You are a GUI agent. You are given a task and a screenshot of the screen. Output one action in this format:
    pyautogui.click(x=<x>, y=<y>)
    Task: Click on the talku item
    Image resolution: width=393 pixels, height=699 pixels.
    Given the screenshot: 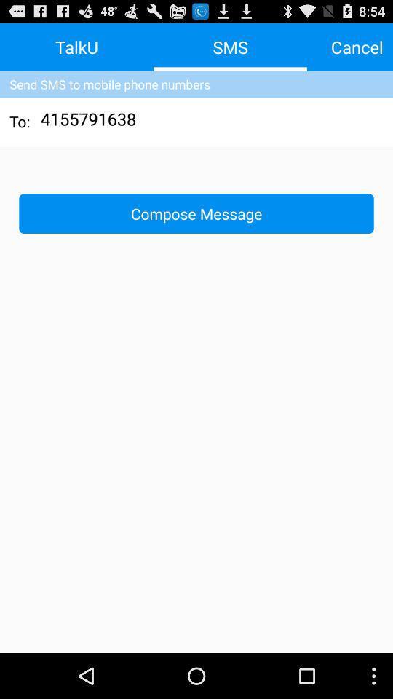 What is the action you would take?
    pyautogui.click(x=76, y=47)
    